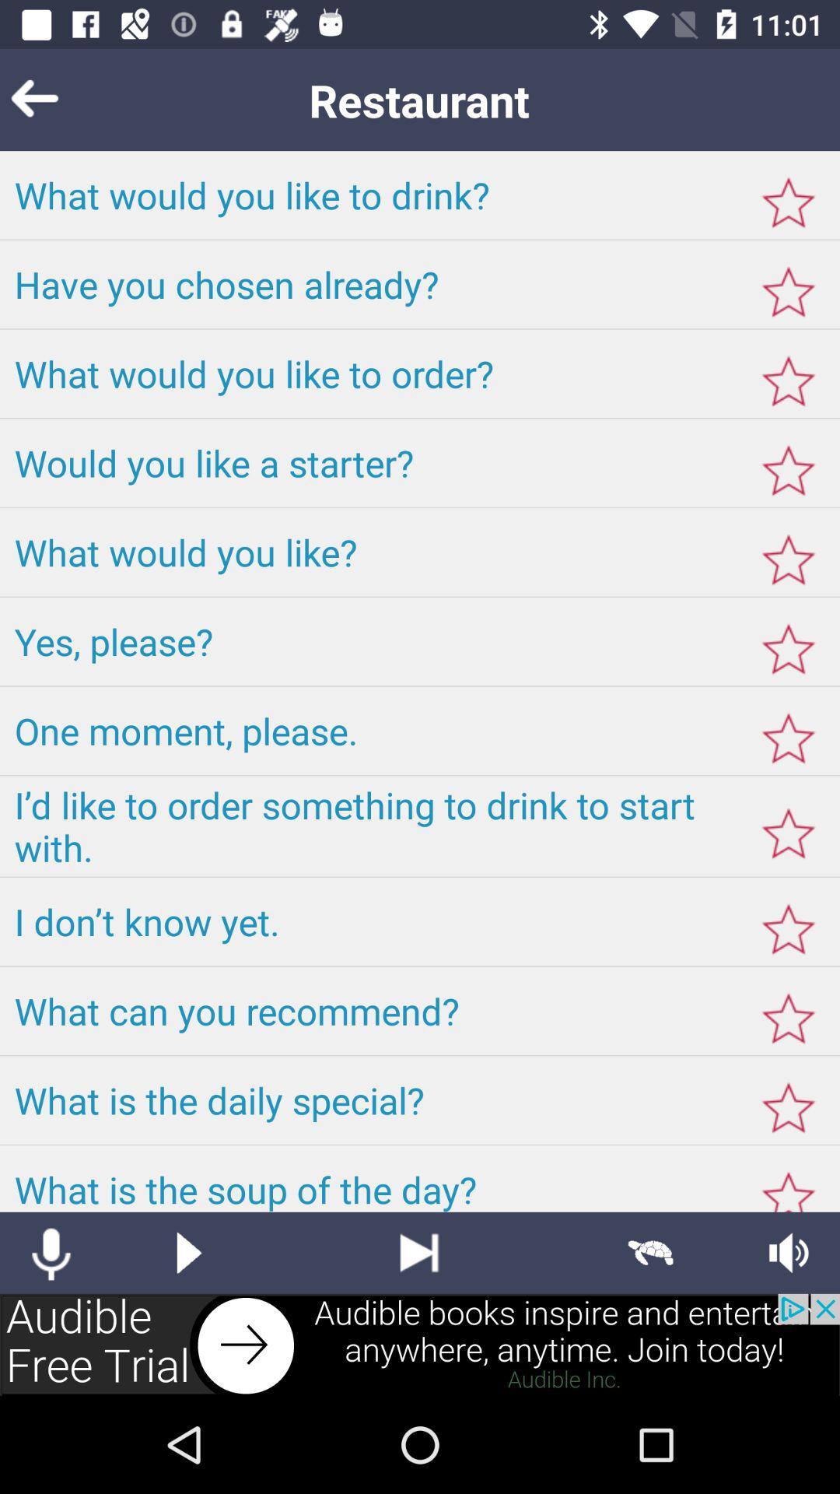  What do you see at coordinates (58, 99) in the screenshot?
I see `the arrow_backward icon` at bounding box center [58, 99].